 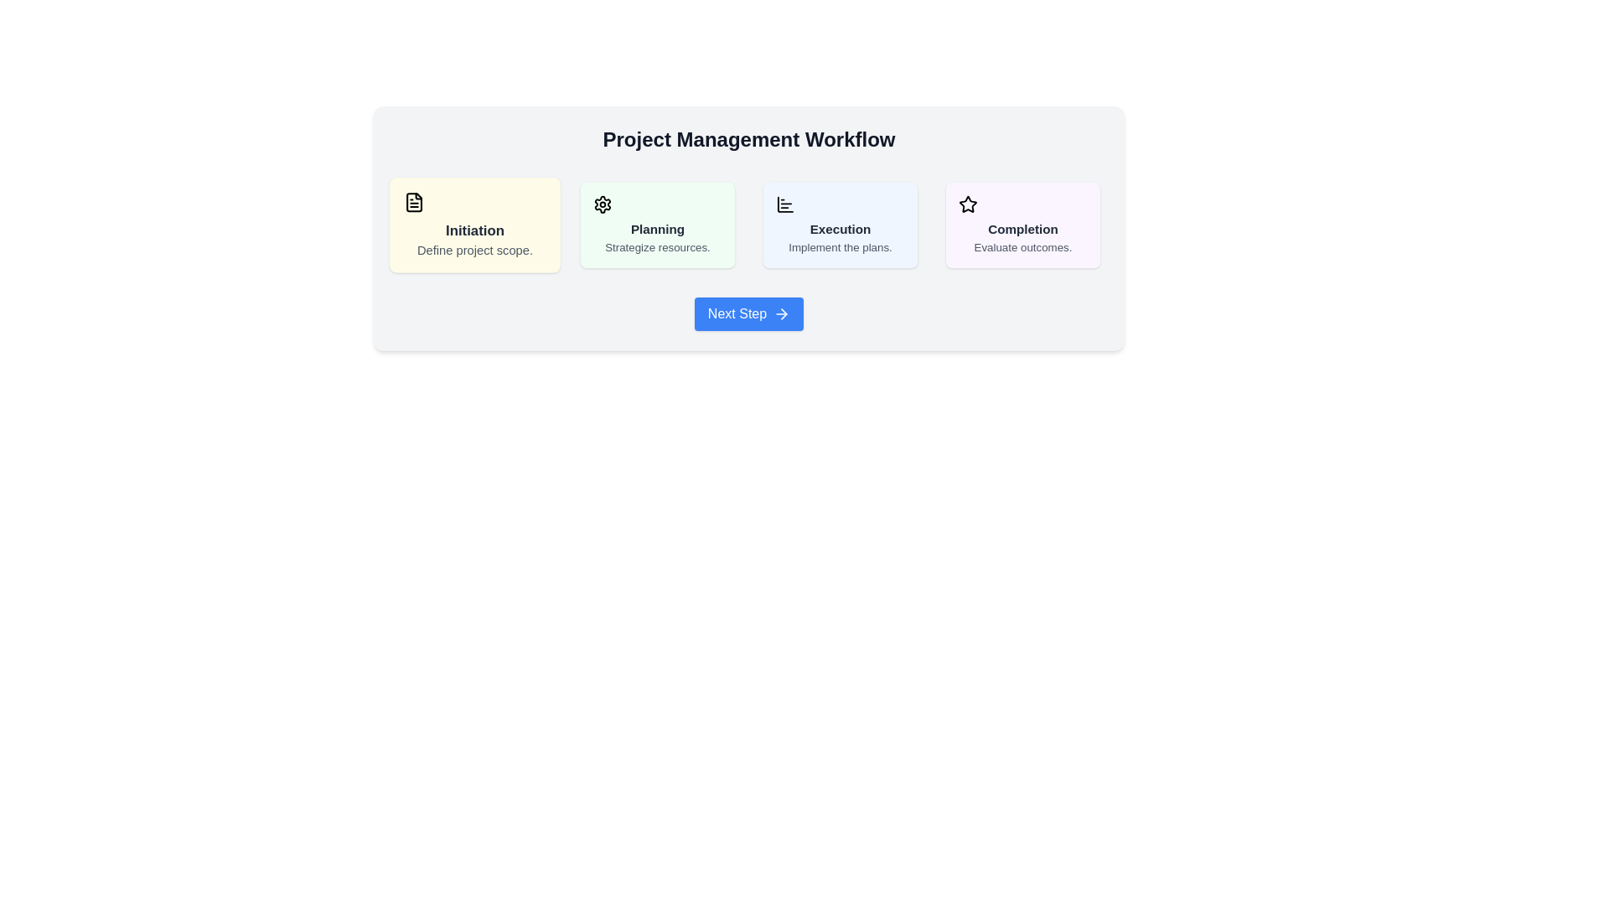 I want to click on the file document icon located at the top left area of the 'Initiation' card in the Project Management Workflow interface, so click(x=414, y=201).